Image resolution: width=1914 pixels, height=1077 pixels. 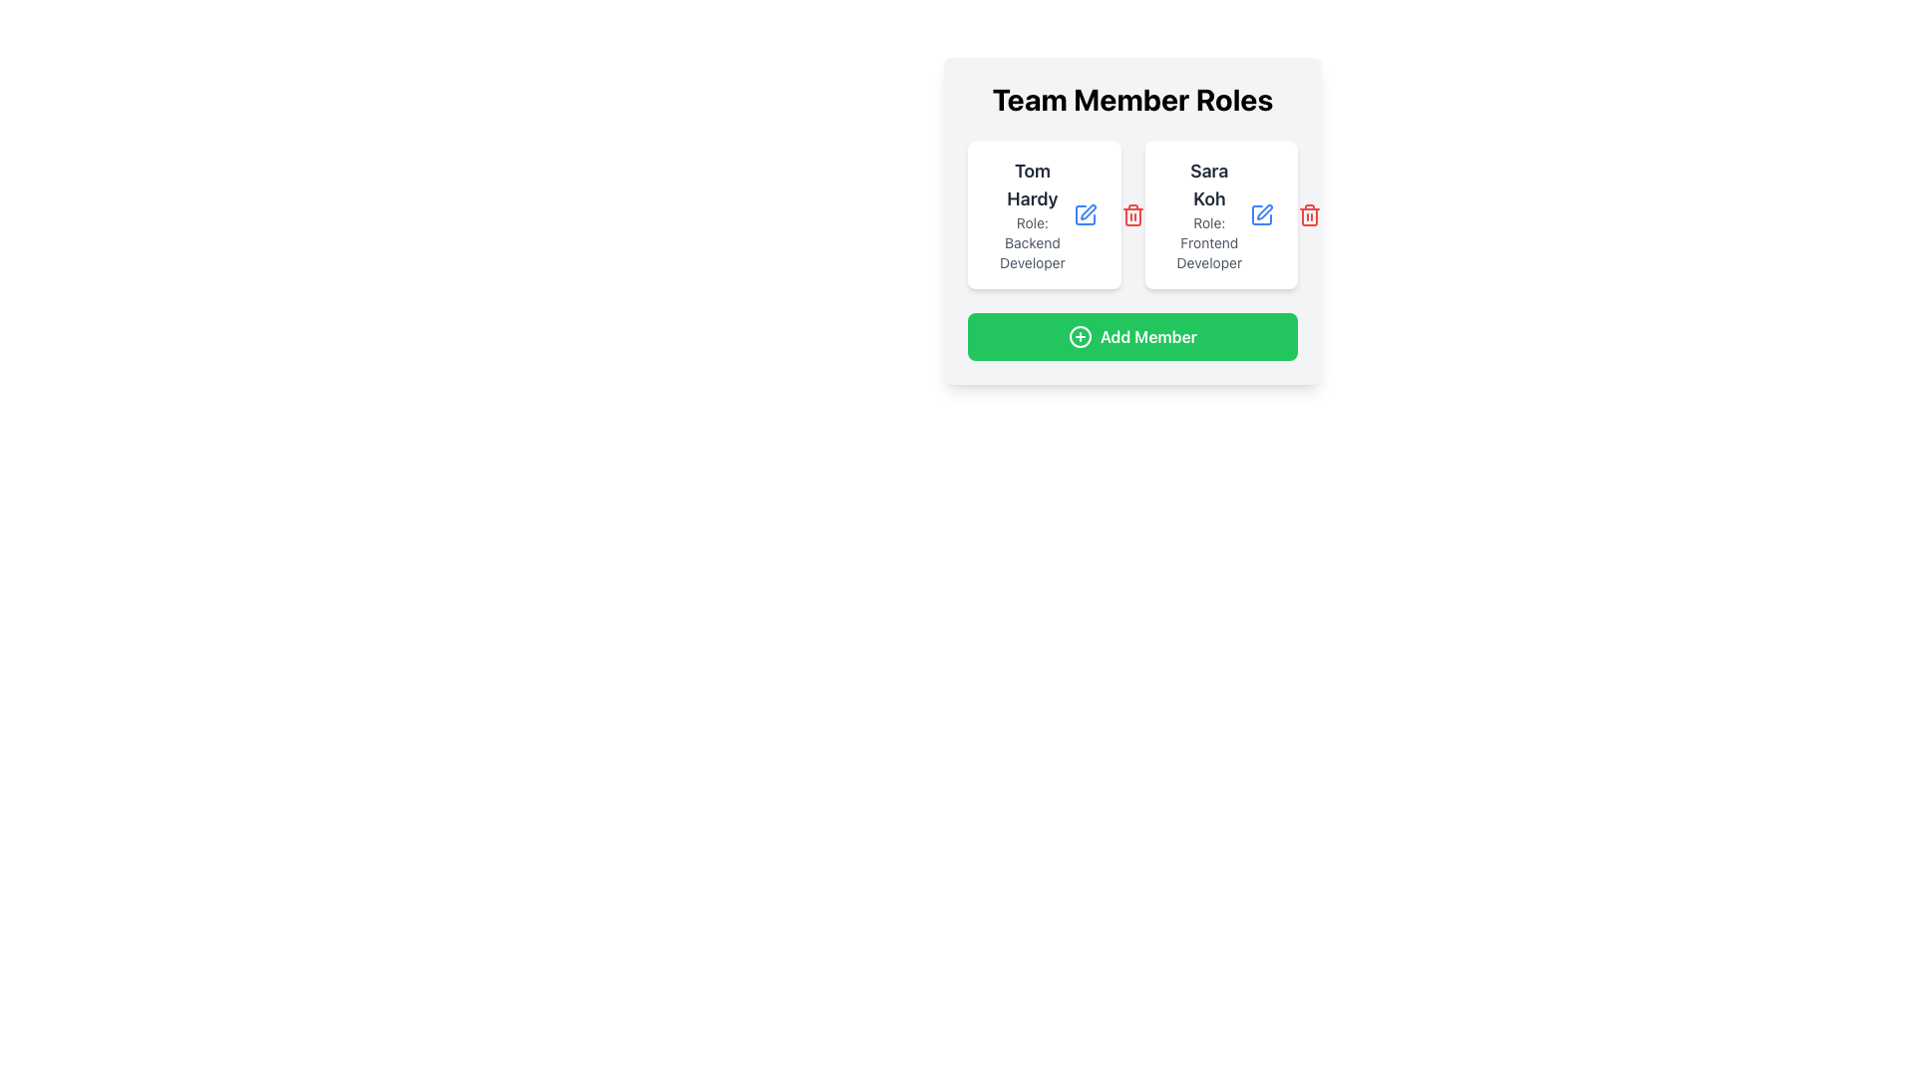 What do you see at coordinates (1079, 336) in the screenshot?
I see `the circular icon with a plus sign, which has a green background and white stroke outlines, located to the left of the 'Add Member' button text` at bounding box center [1079, 336].